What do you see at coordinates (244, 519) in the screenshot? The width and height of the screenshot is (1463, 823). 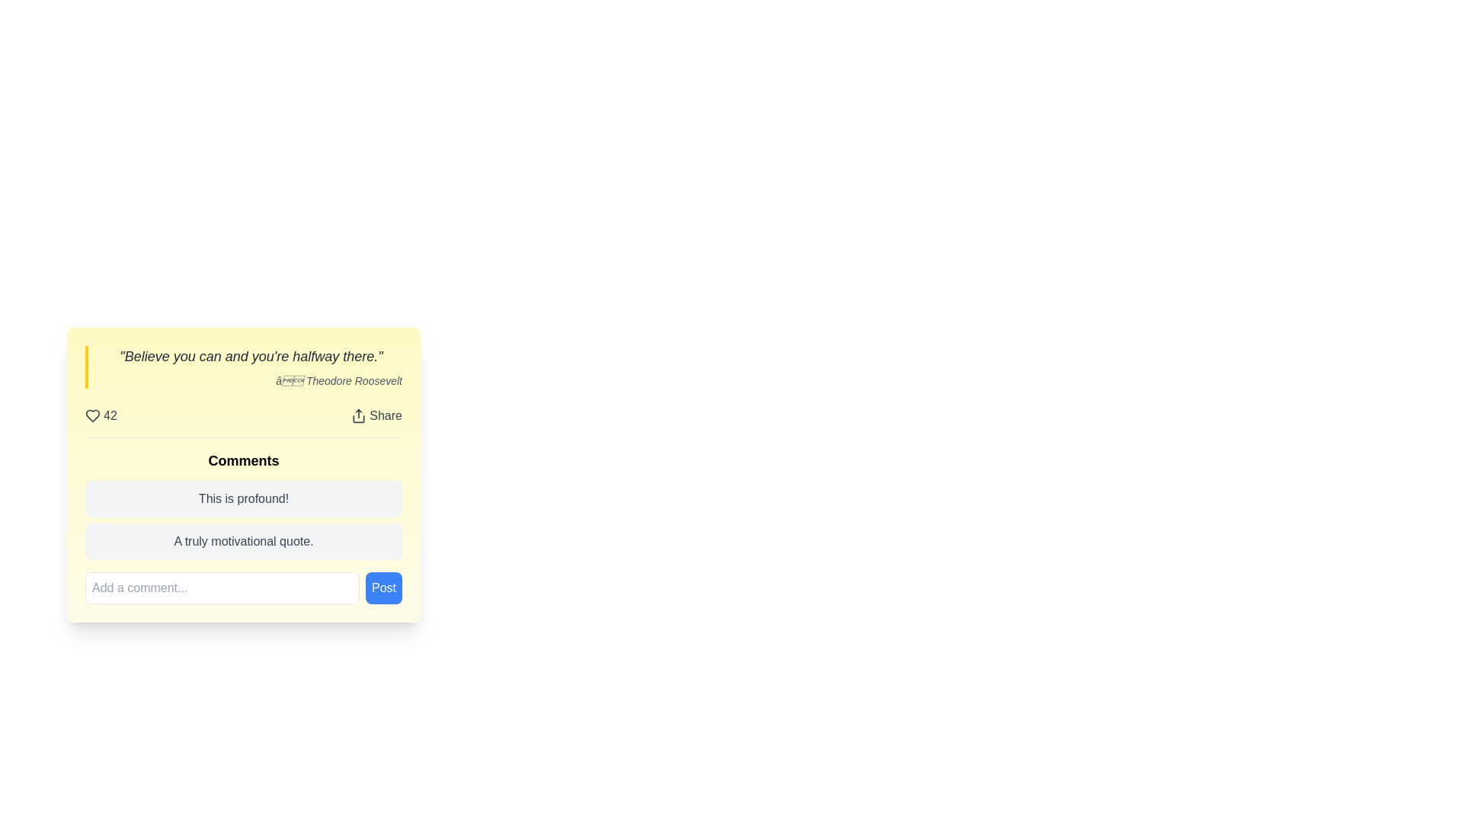 I see `the Comment section located beneath the post content and like count, which has an input field and button for adding new comments` at bounding box center [244, 519].